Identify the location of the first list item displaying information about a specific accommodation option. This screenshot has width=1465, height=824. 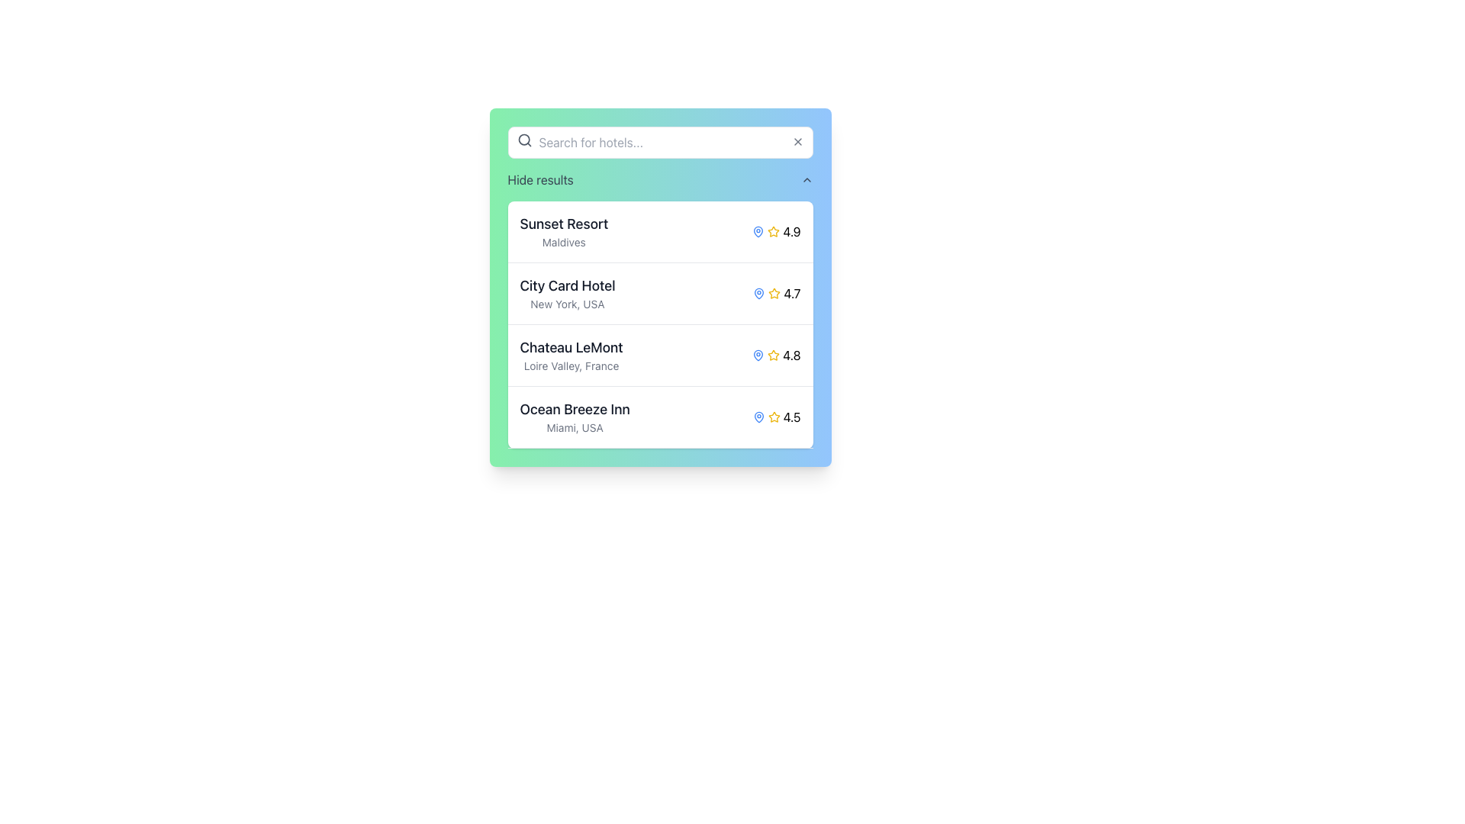
(660, 232).